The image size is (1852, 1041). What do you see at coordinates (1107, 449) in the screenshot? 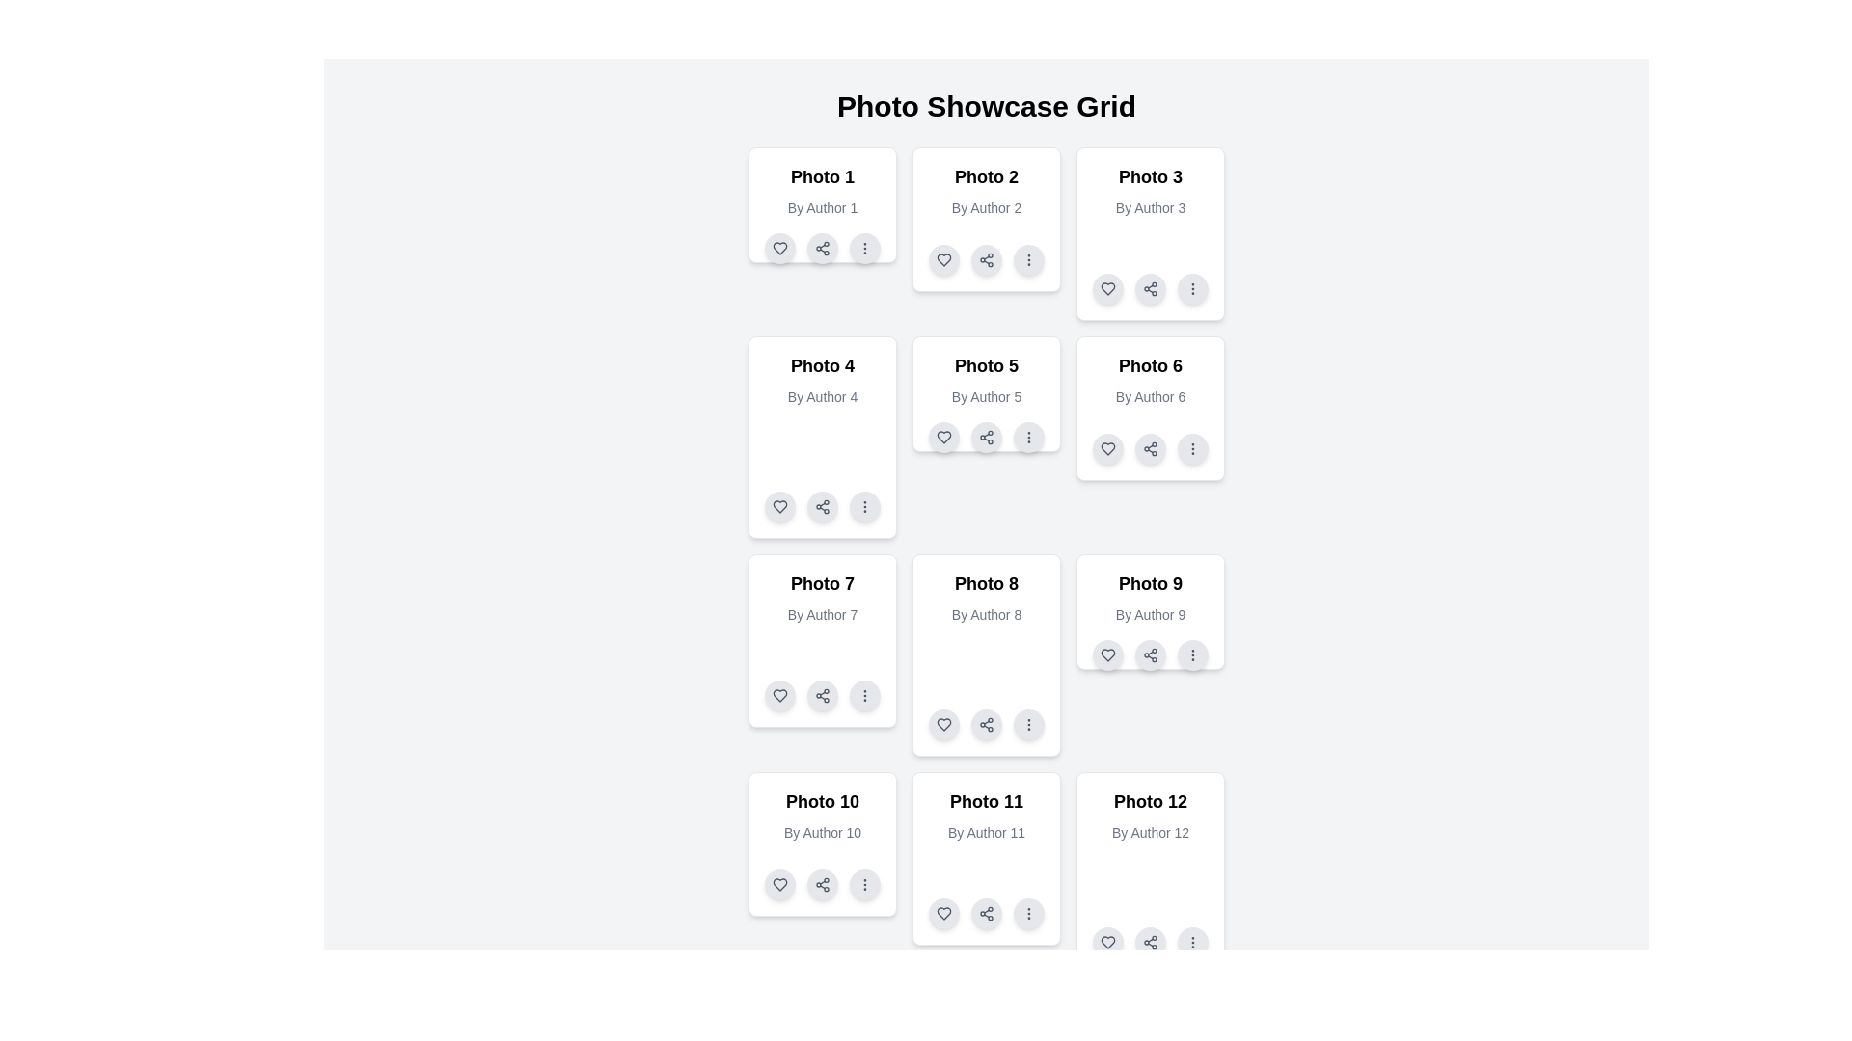
I see `the favorite button located in the control bar under 'Photo 6'` at bounding box center [1107, 449].